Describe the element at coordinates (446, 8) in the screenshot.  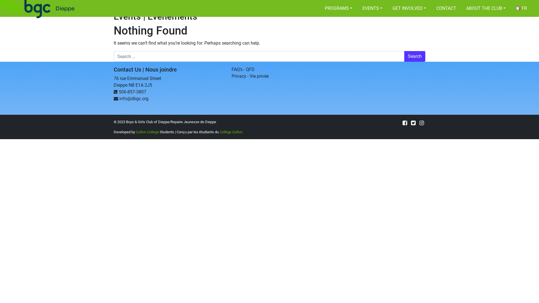
I see `'CONTACT'` at that location.